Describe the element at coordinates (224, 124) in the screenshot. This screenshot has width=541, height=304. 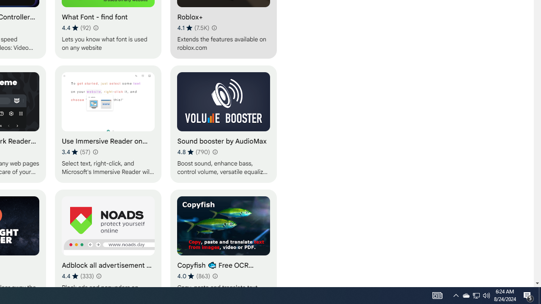
I see `'Sound booster by AudioMax'` at that location.